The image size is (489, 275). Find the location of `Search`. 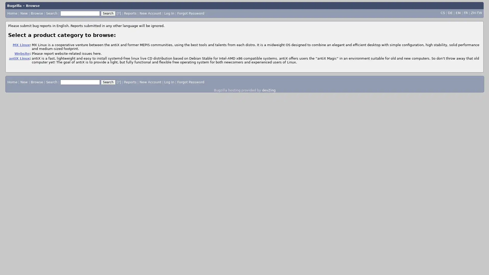

Search is located at coordinates (108, 82).